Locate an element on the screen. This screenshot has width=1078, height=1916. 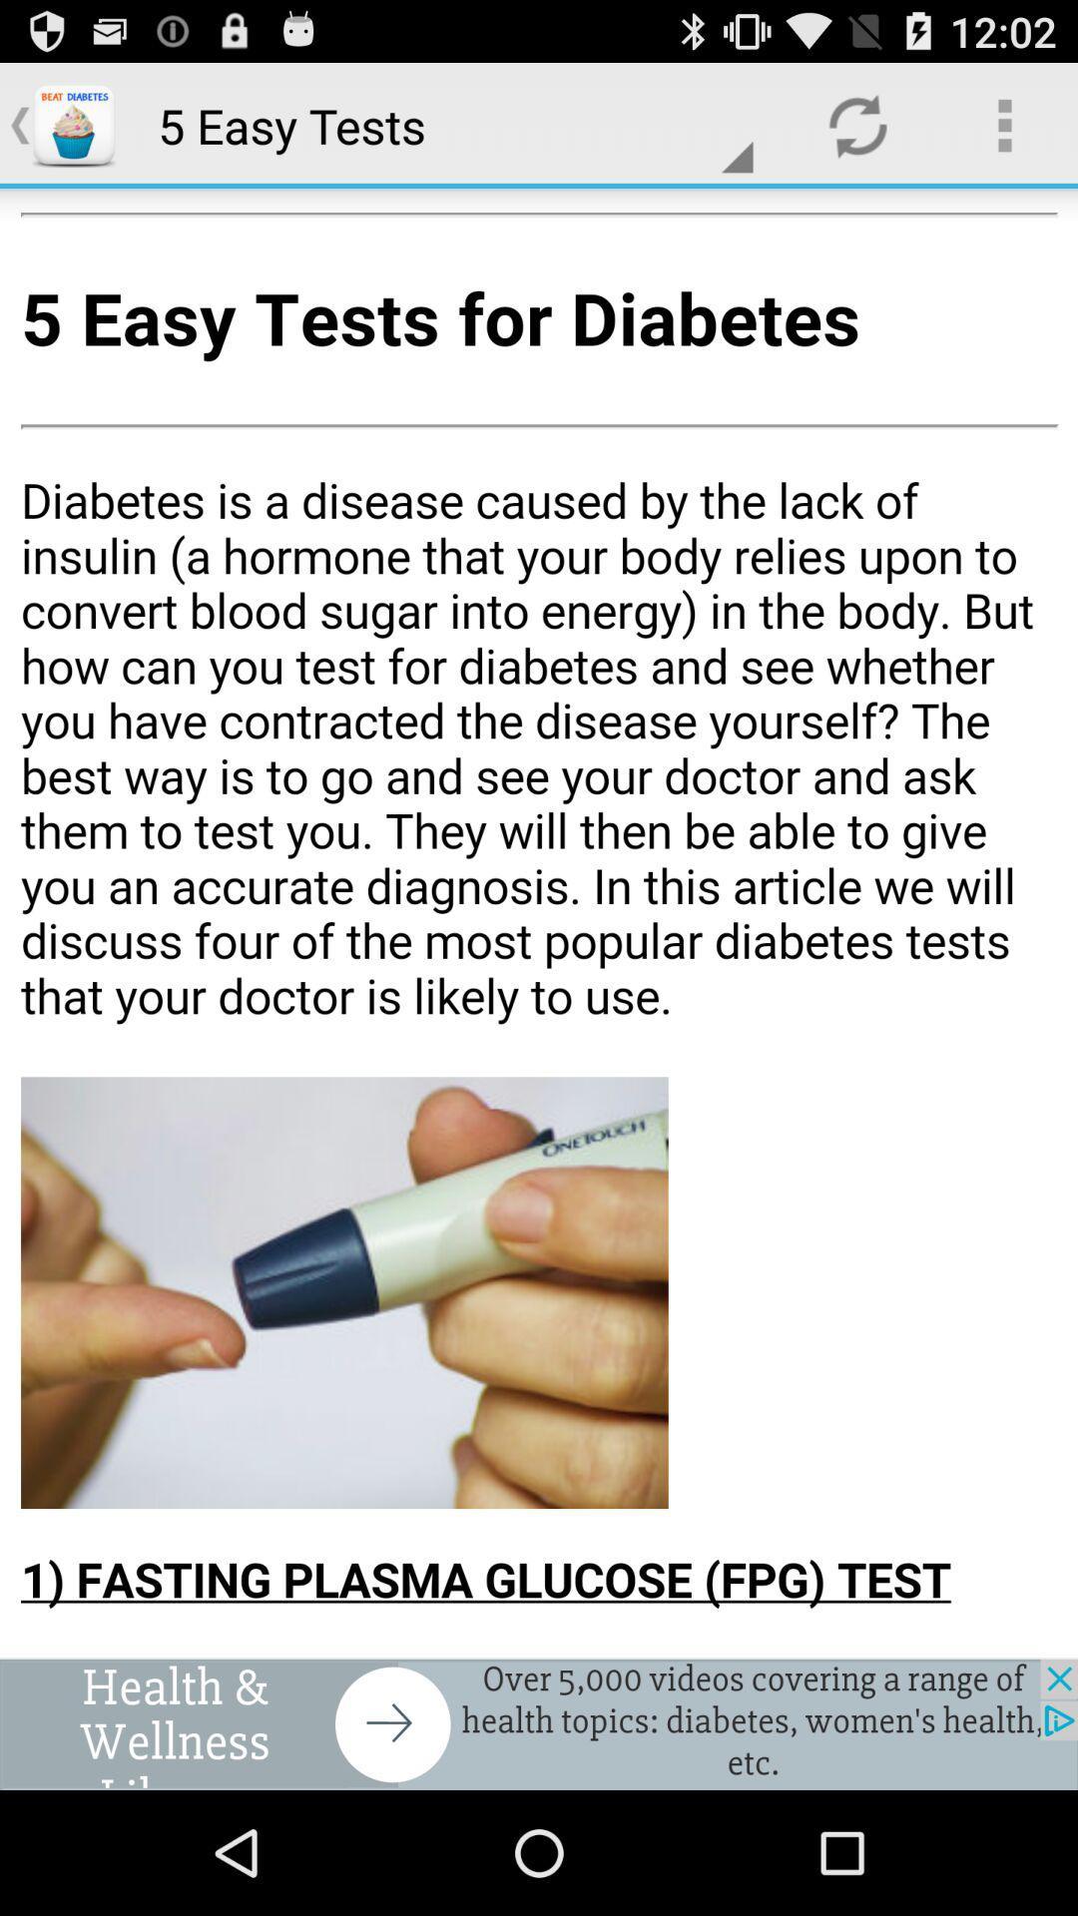
next is located at coordinates (539, 1723).